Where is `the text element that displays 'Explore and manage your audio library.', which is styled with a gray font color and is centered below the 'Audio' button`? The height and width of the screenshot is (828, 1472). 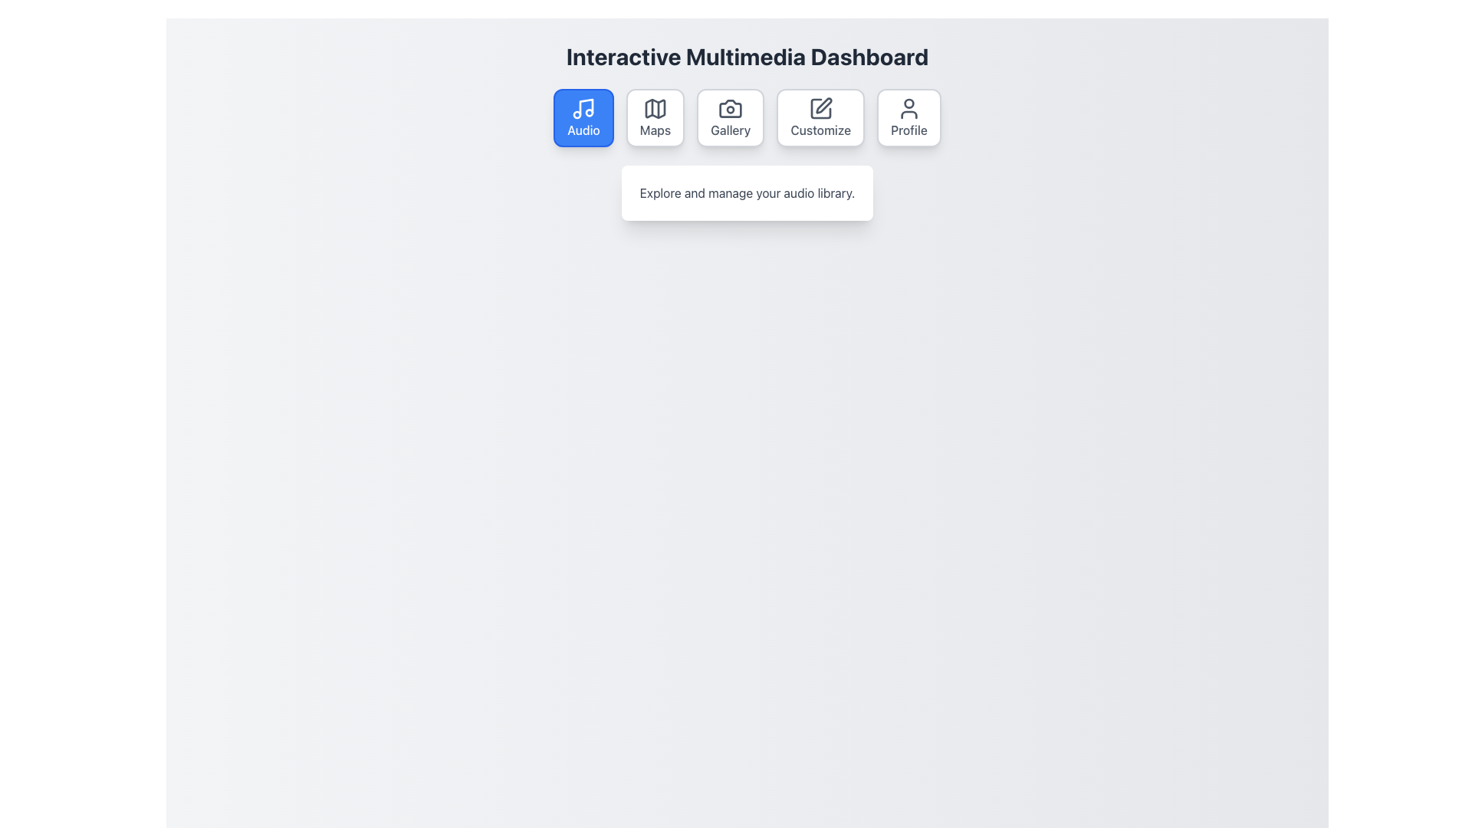 the text element that displays 'Explore and manage your audio library.', which is styled with a gray font color and is centered below the 'Audio' button is located at coordinates (747, 192).